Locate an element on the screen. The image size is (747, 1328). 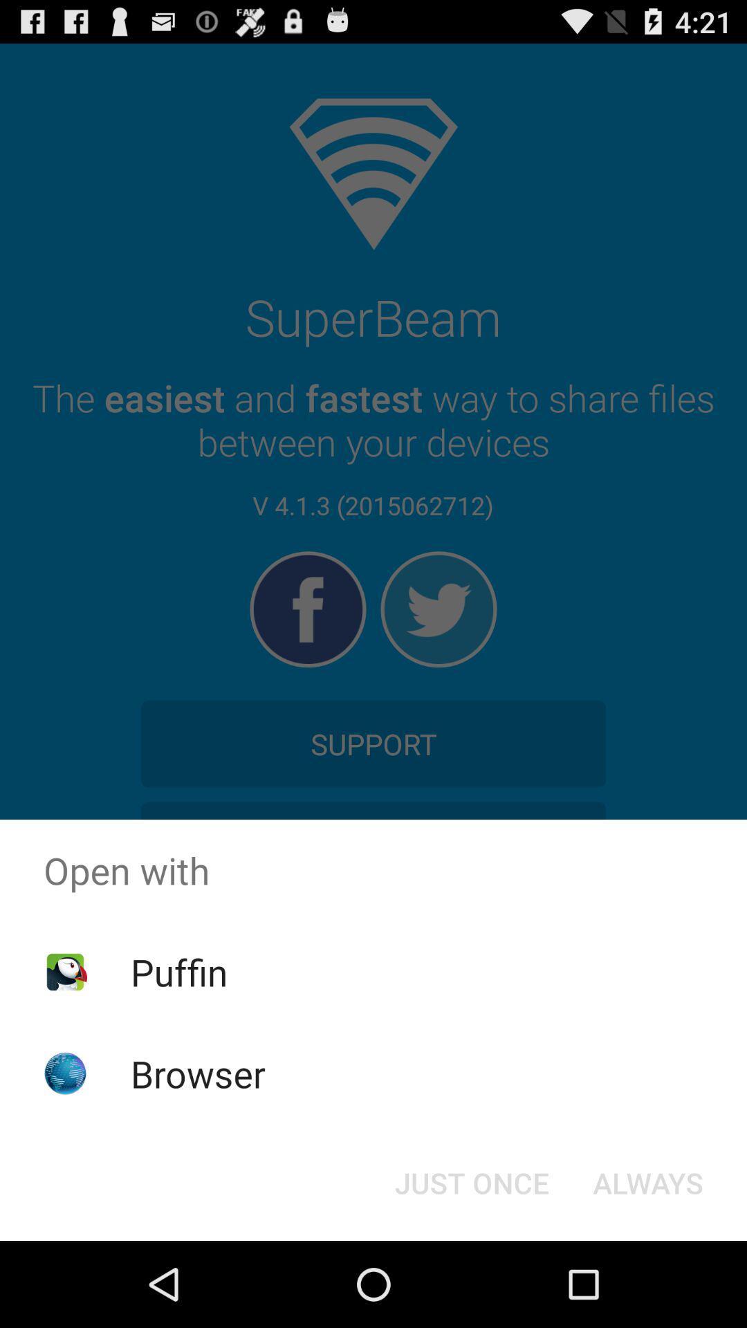
the just once at the bottom is located at coordinates (471, 1181).